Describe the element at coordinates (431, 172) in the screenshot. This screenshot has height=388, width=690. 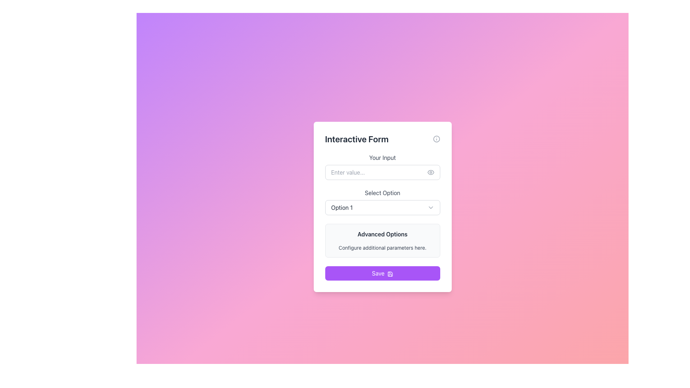
I see `the toggle visibility icon, which is a small eye-shaped icon located to the right of the input field labeled 'Enter value...'` at that location.